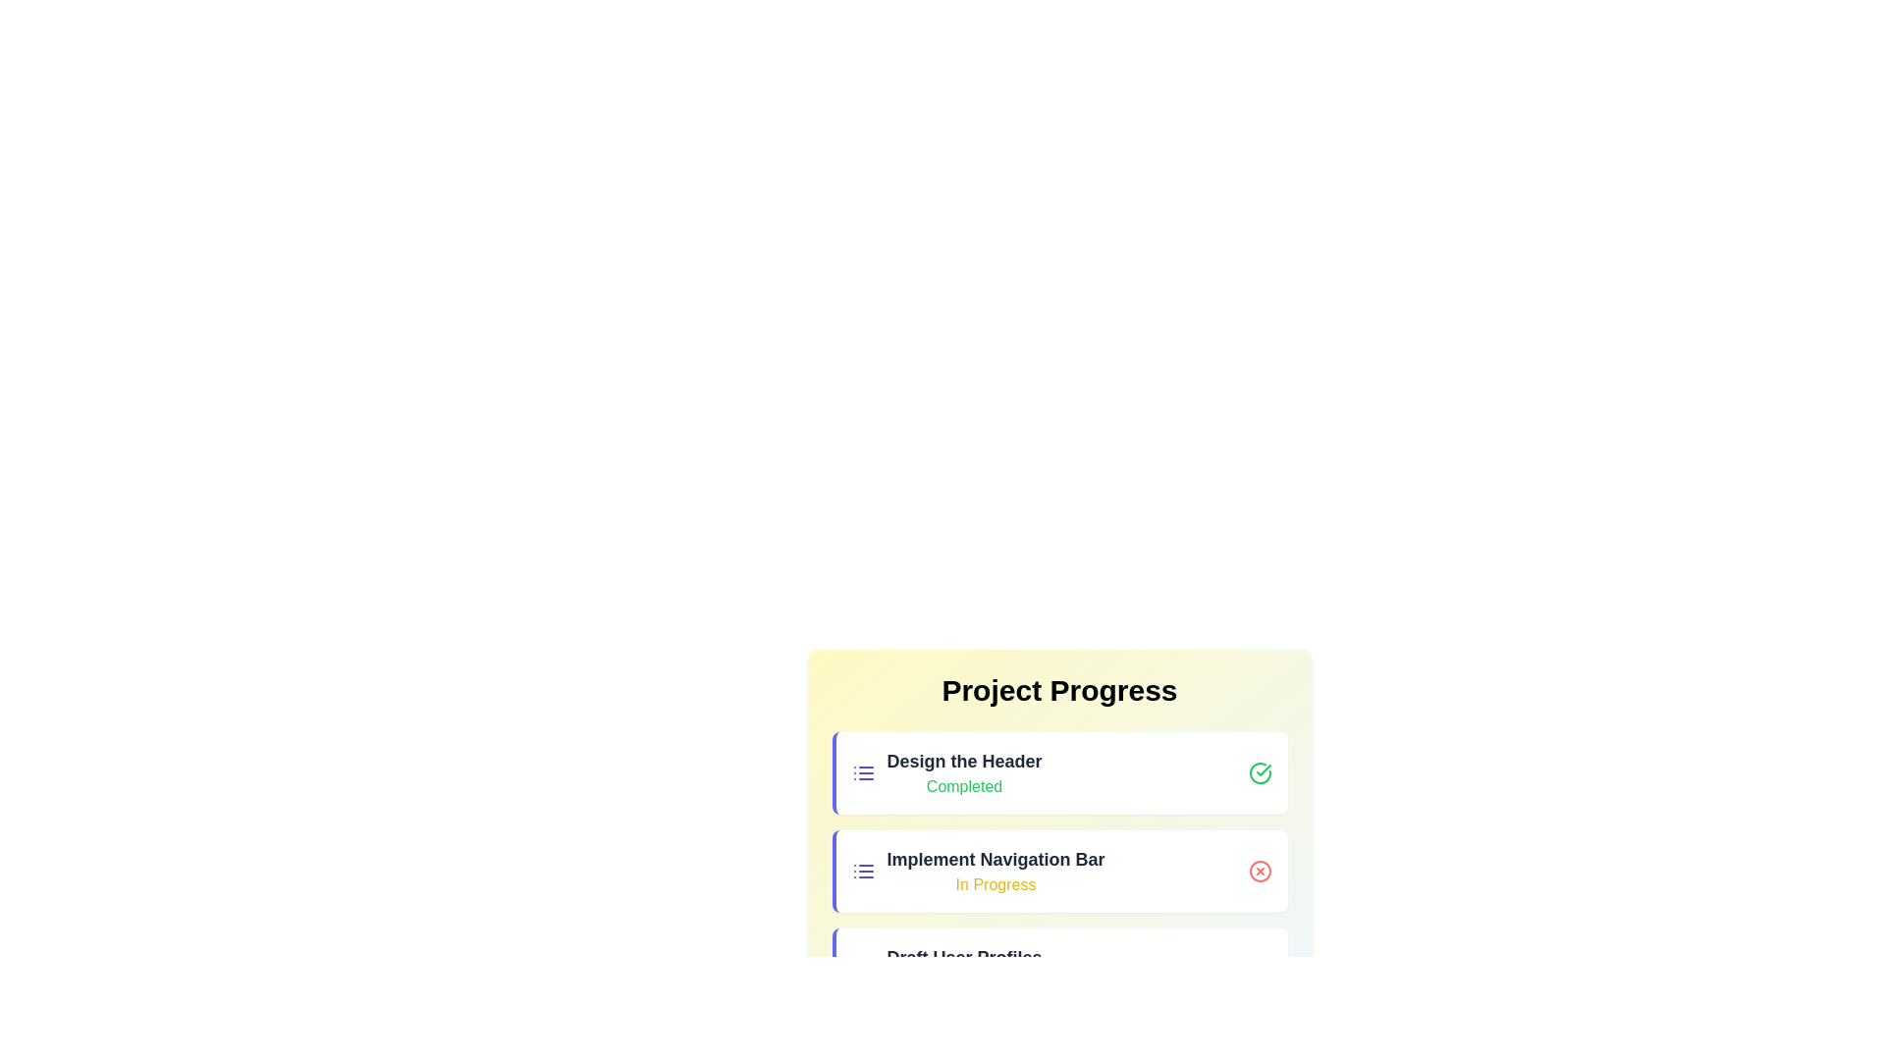 The width and height of the screenshot is (1885, 1060). I want to click on the check icon for the task Design the Header, so click(1260, 771).